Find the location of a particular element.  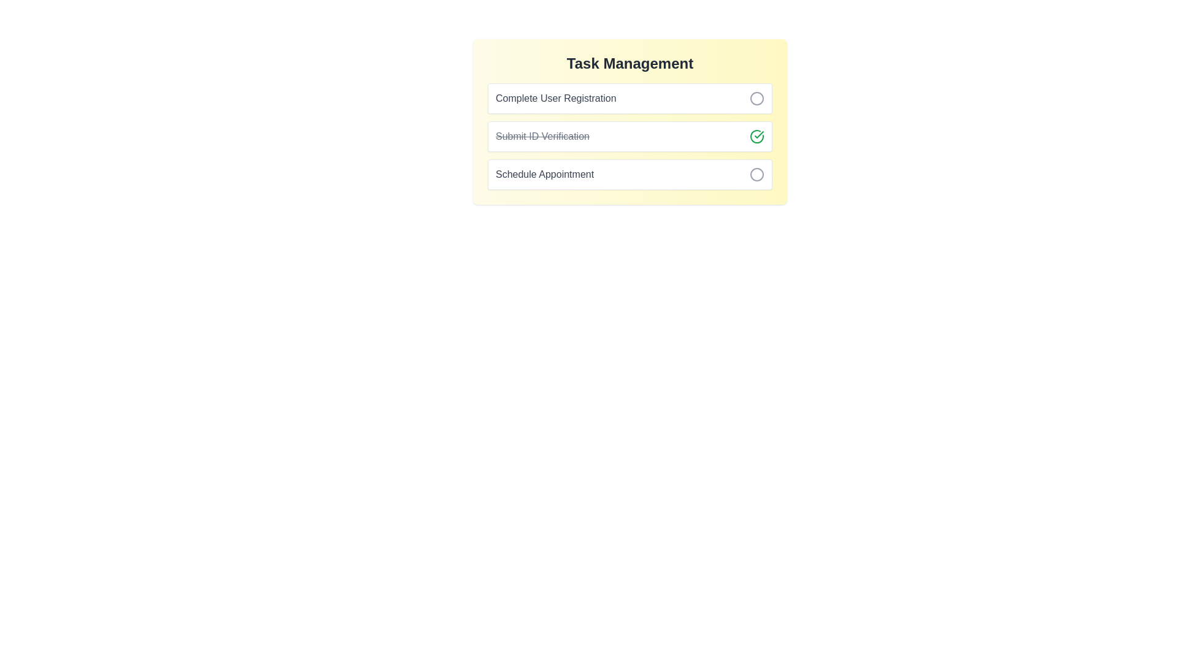

the circular icon outline with a dot in its center, located to the right side of the 'Schedule Appointment' text is located at coordinates (756, 175).